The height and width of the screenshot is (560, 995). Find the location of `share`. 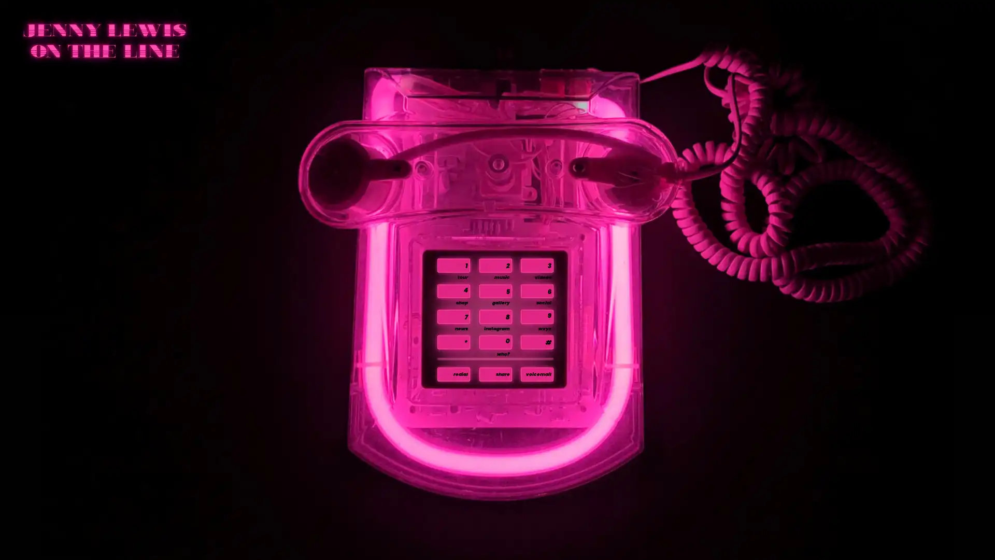

share is located at coordinates (494, 374).